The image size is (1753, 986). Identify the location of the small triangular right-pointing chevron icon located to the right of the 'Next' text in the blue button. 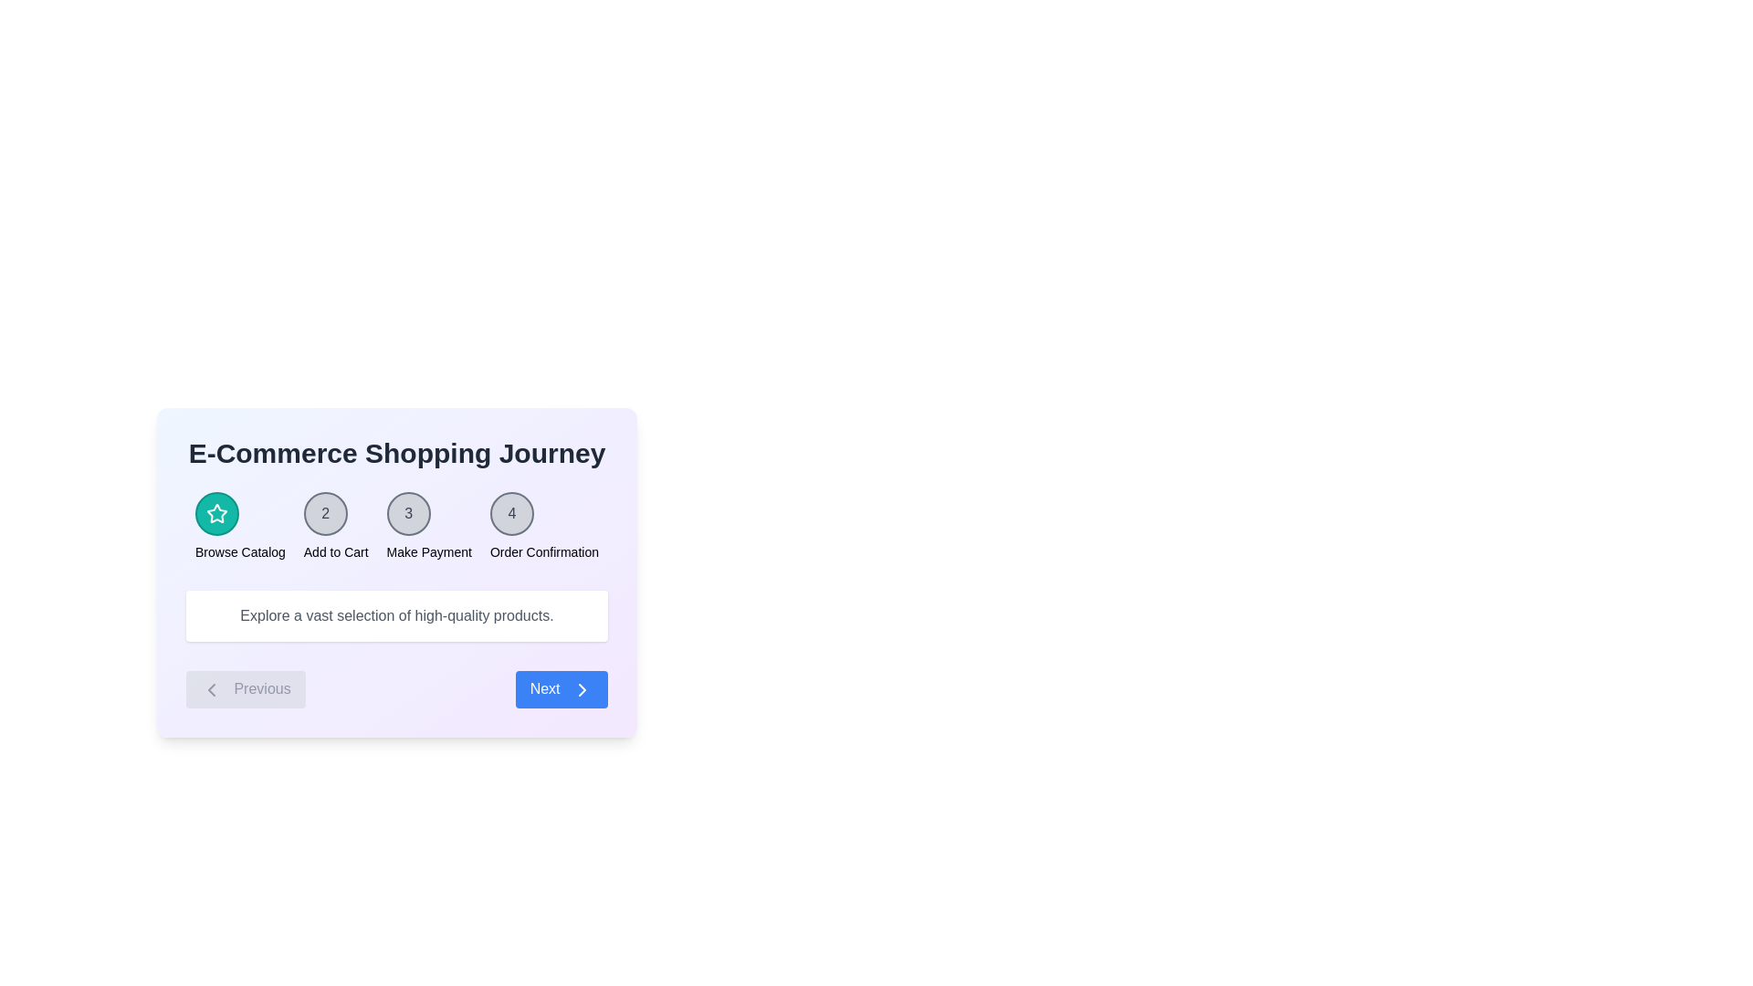
(582, 689).